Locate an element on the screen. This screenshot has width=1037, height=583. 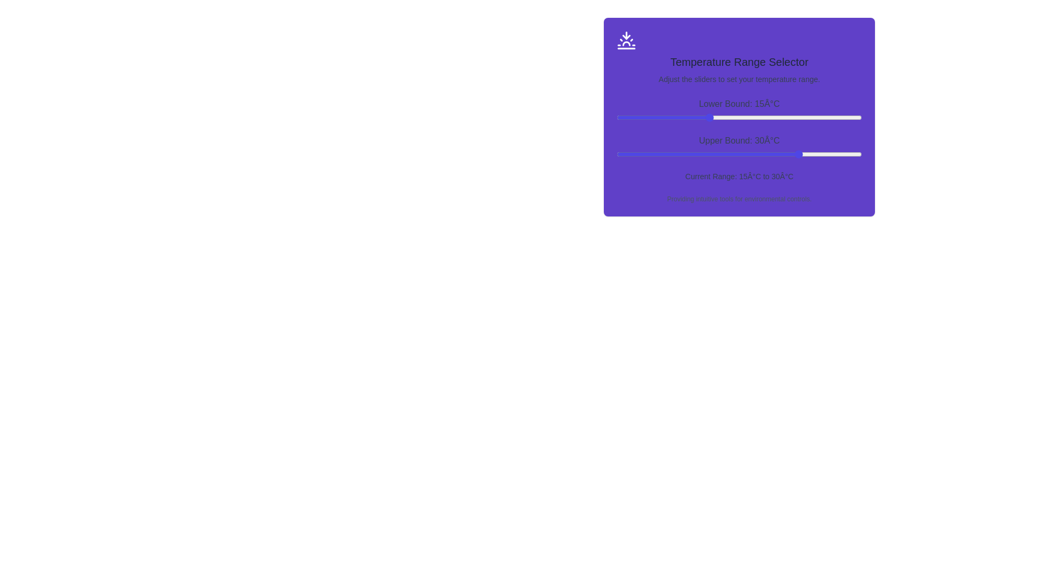
the lower bound slider to 19°C is located at coordinates (733, 118).